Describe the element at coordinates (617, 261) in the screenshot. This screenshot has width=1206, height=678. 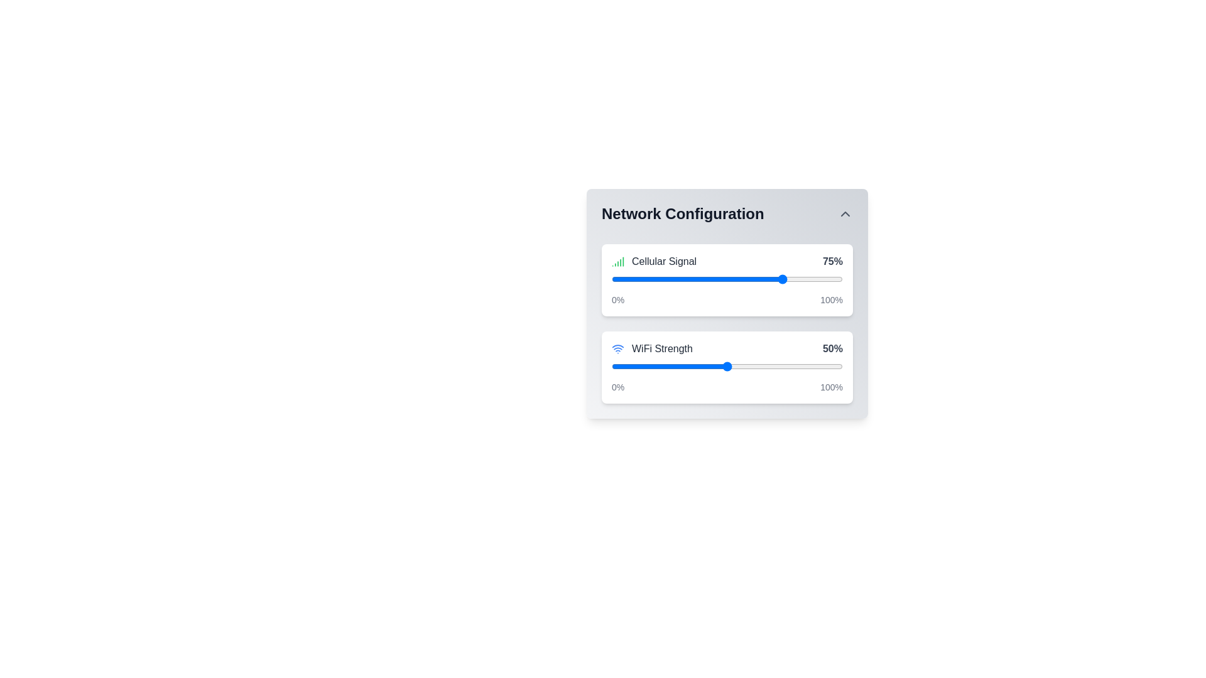
I see `the cellular signal strength icon located to the left of the 'Cellular Signal' label in the 'Network Configuration' section of the card interface` at that location.